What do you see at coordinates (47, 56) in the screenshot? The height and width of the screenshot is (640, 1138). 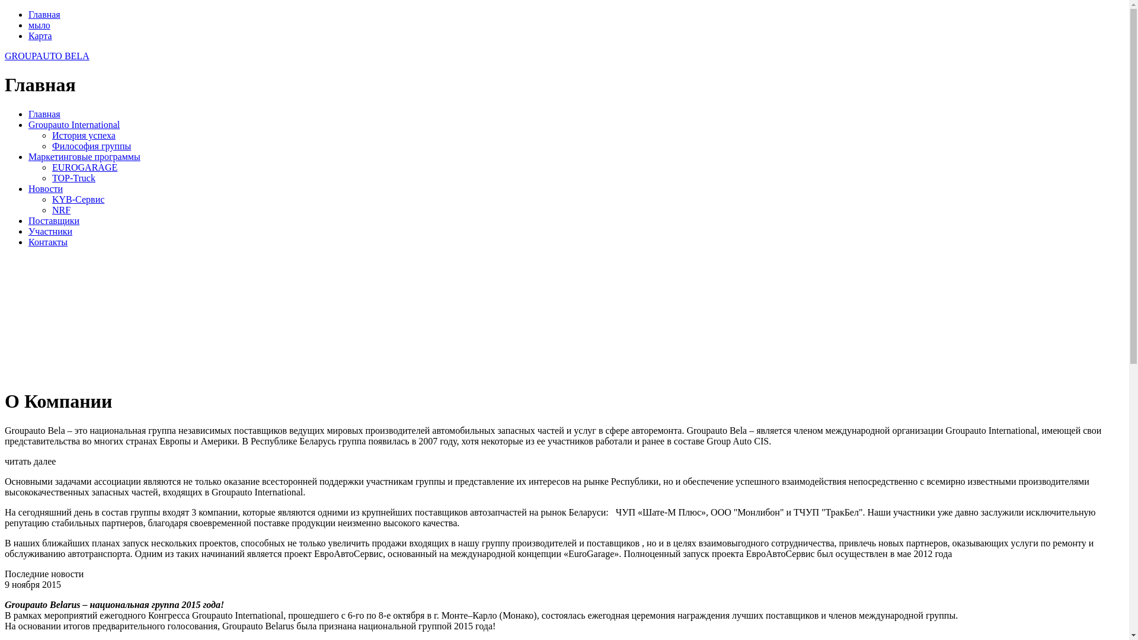 I see `'GROUPAUTO BELA'` at bounding box center [47, 56].